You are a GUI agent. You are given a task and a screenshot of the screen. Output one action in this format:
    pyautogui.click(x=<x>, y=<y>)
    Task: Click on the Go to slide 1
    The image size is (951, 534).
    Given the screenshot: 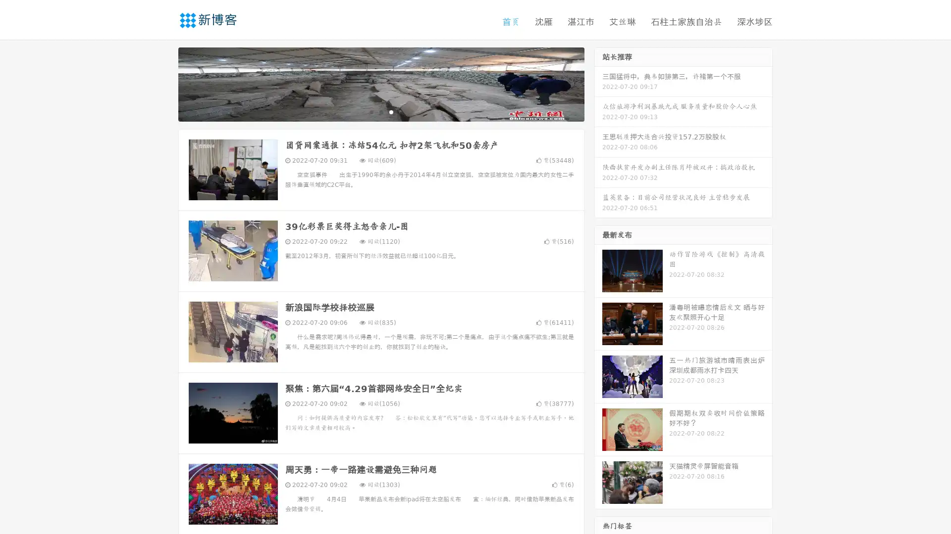 What is the action you would take?
    pyautogui.click(x=370, y=111)
    